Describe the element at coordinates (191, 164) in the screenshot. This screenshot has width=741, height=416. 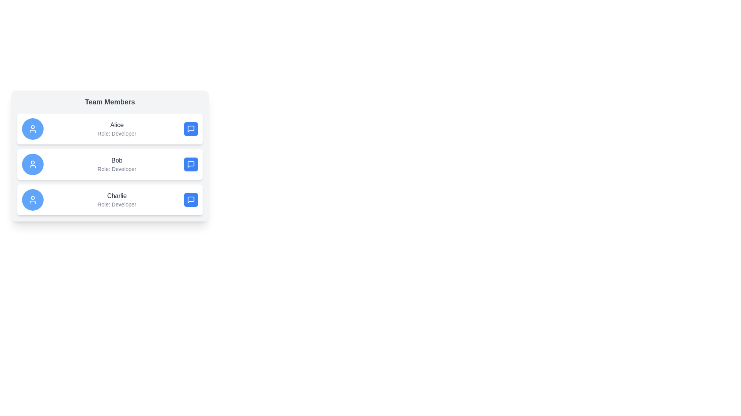
I see `the speech bubble icon associated with the team member 'Bob' in the 'Team Members' section using keyboard navigation for accessibility` at that location.